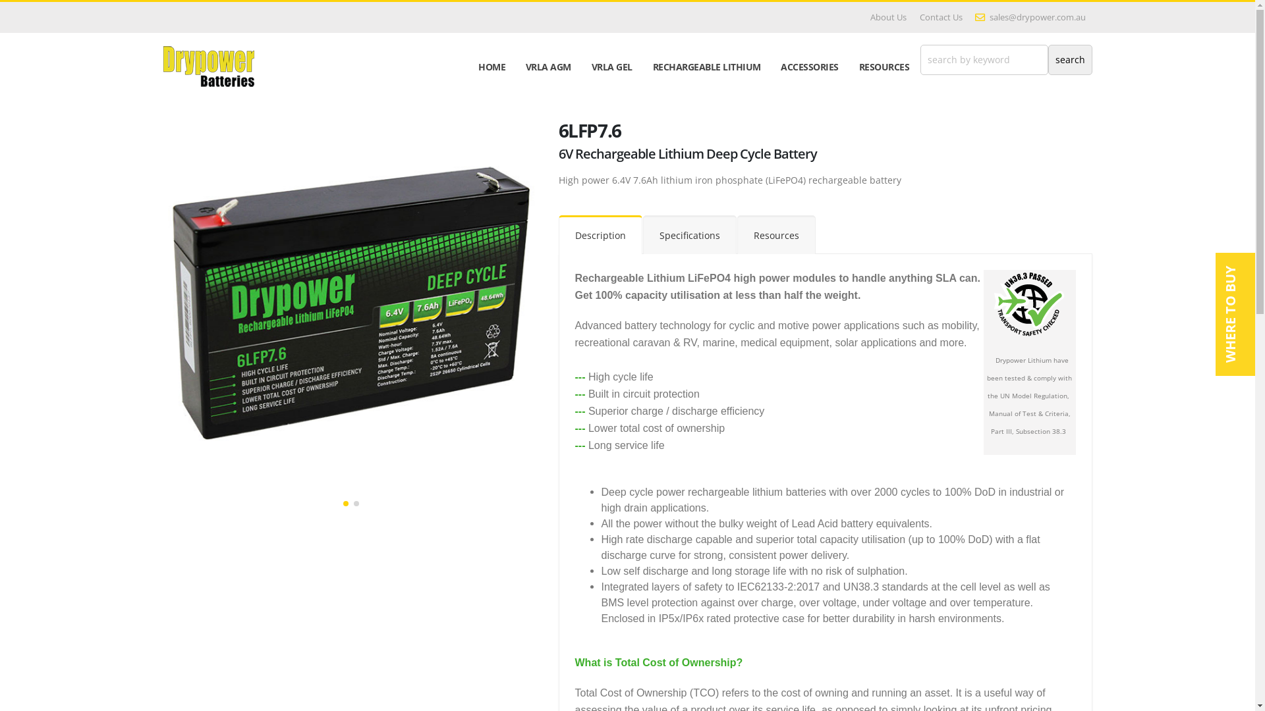 This screenshot has height=711, width=1265. I want to click on 'About Us', so click(887, 17).